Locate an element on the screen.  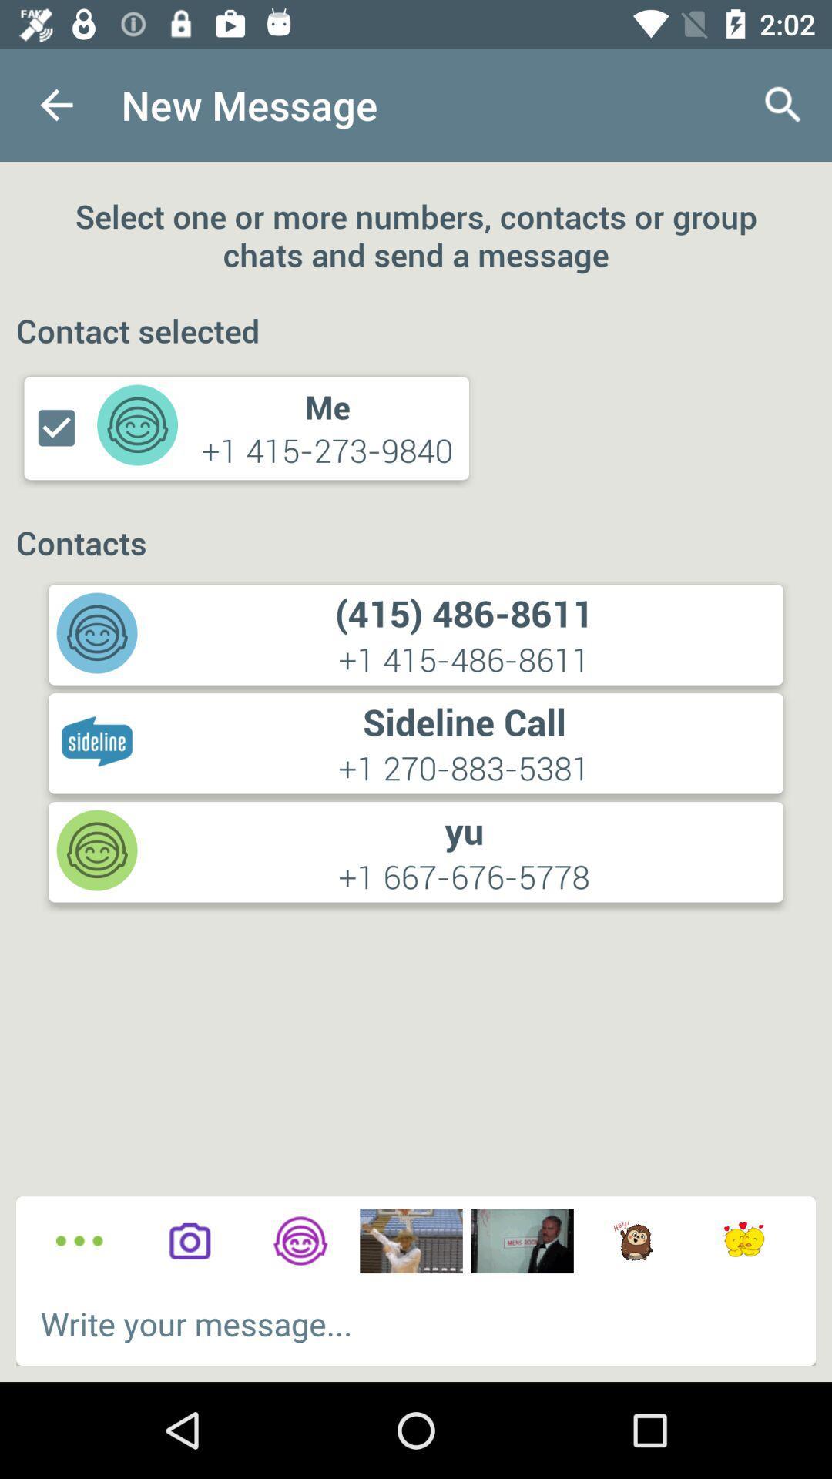
insert sticker is located at coordinates (632, 1241).